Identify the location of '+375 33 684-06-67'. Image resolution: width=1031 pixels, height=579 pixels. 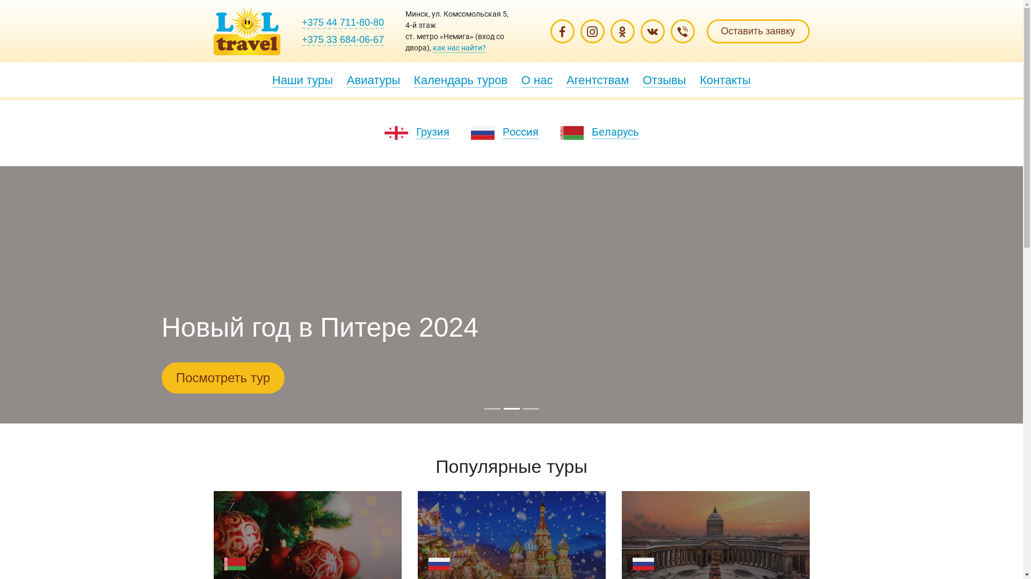
(301, 39).